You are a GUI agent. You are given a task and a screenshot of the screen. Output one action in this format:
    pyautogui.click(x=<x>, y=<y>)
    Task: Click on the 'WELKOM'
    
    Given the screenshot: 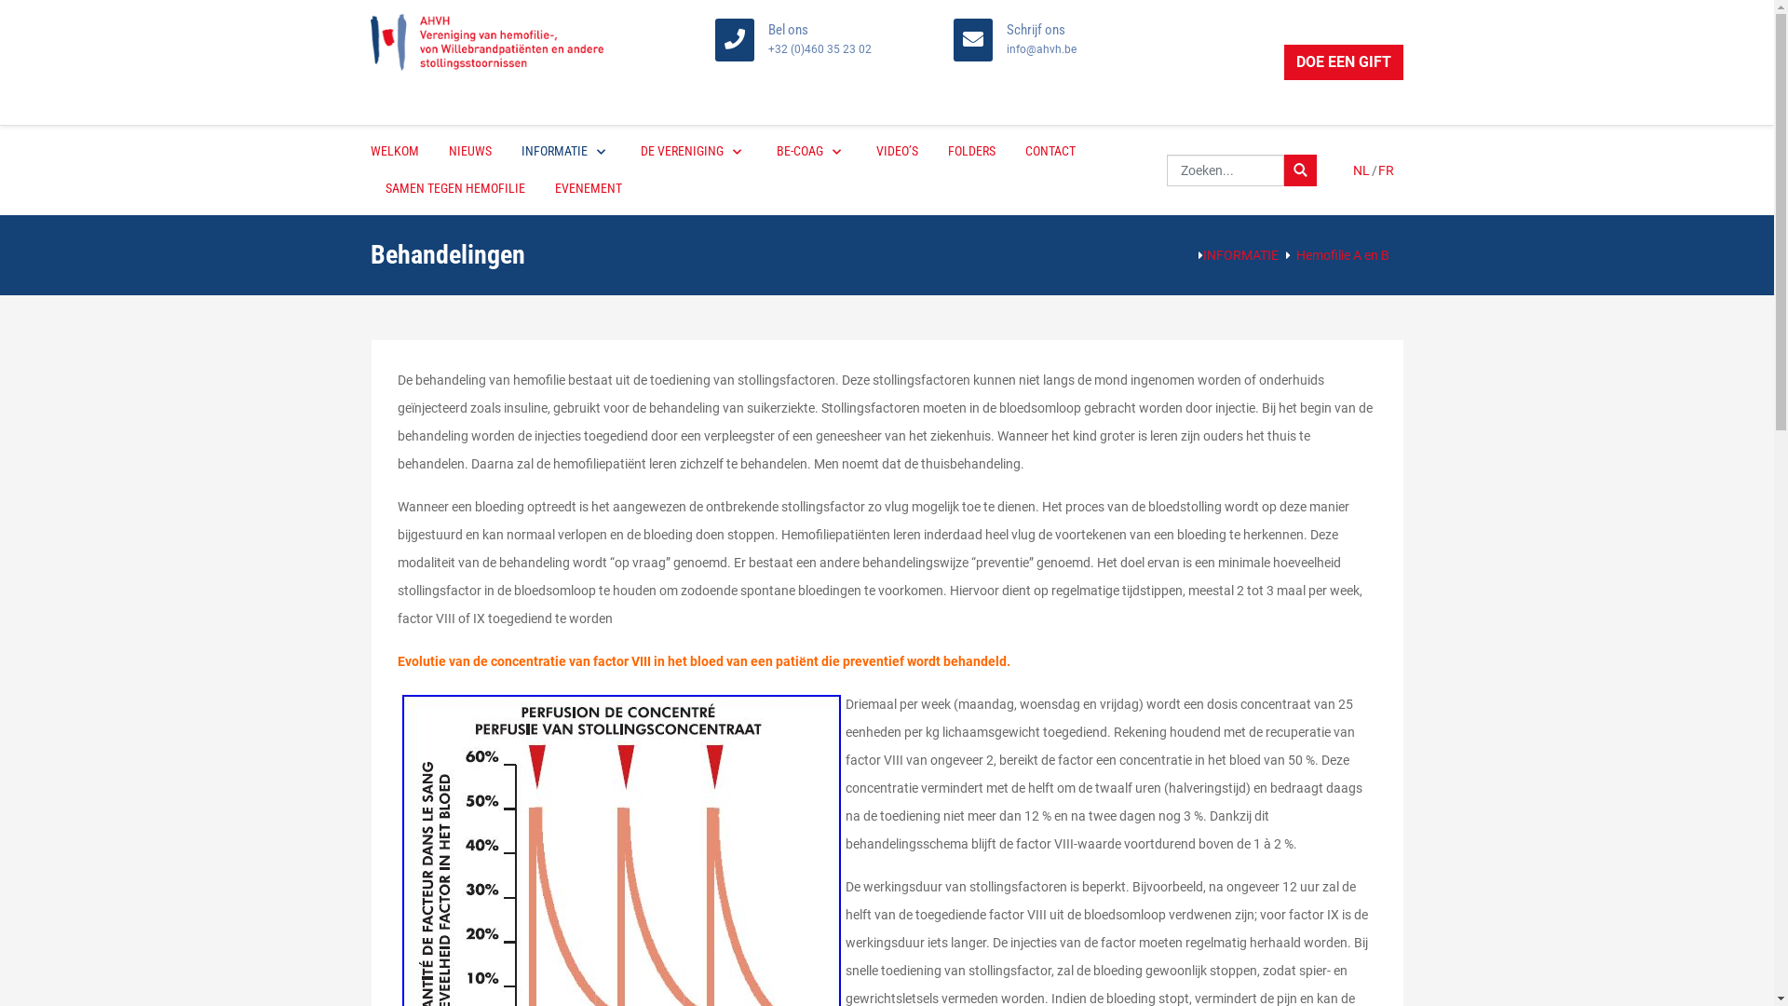 What is the action you would take?
    pyautogui.click(x=401, y=150)
    